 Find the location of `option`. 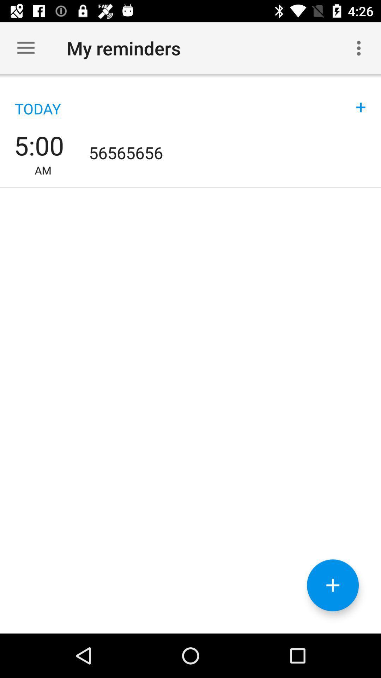

option is located at coordinates (333, 585).